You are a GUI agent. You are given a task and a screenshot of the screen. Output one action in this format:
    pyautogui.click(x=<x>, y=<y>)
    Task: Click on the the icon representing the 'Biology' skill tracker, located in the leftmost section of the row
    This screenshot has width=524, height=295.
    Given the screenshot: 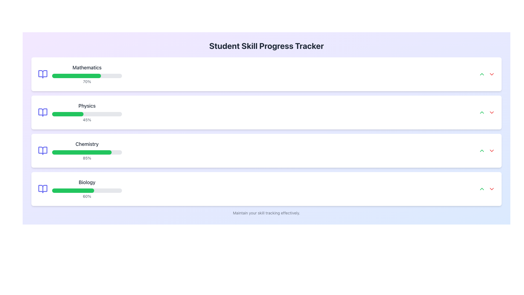 What is the action you would take?
    pyautogui.click(x=43, y=188)
    